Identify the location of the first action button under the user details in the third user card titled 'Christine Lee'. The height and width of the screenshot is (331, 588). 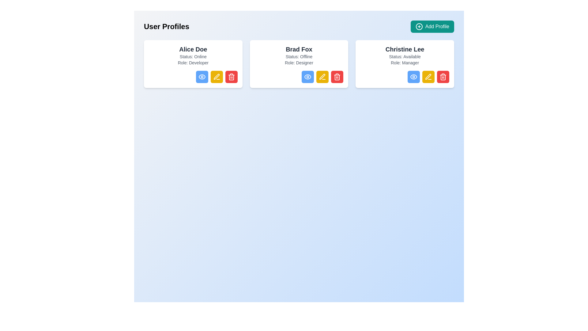
(413, 76).